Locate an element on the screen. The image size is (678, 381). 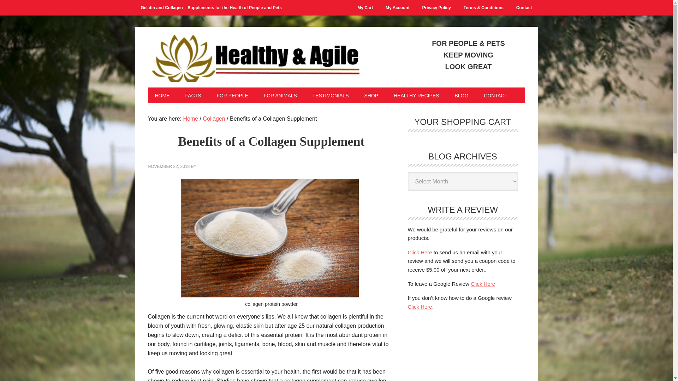
'HEALTHY RECIPES' is located at coordinates (386, 95).